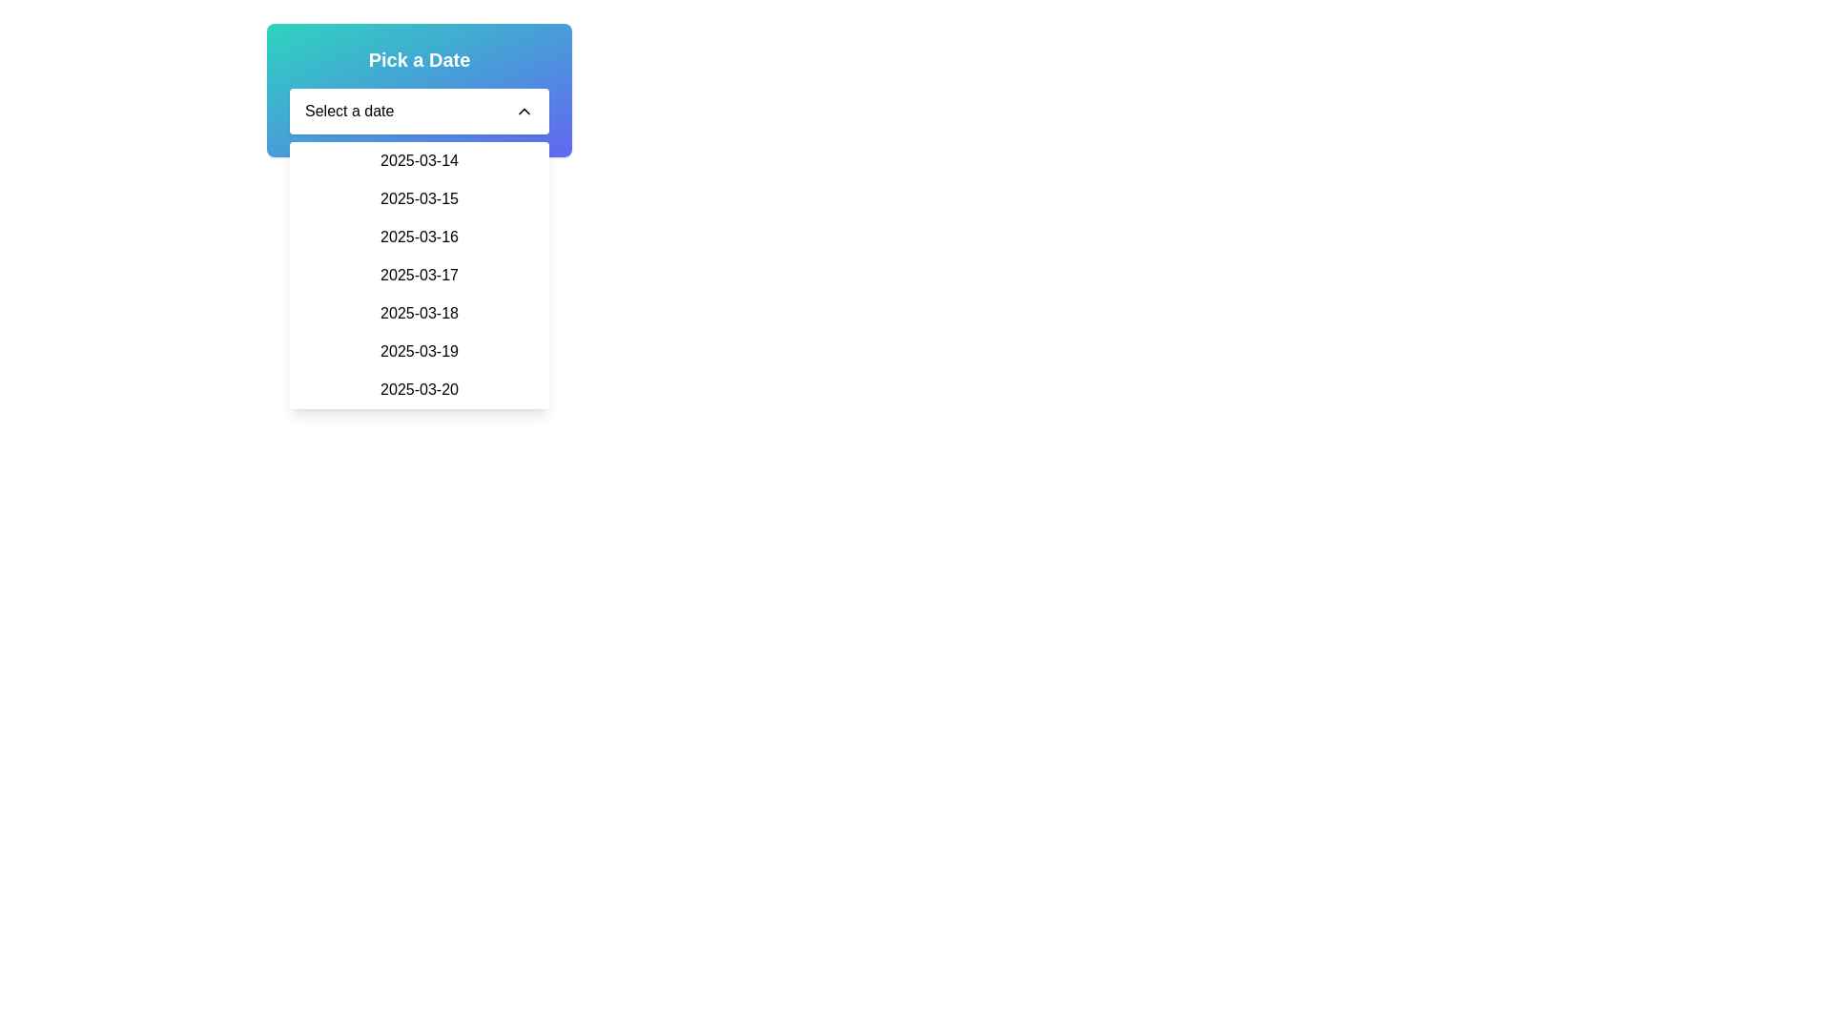 This screenshot has height=1030, width=1831. I want to click on to select the date string '2025-03-14' from the dropdown menu, which is the first item in the list, so click(419, 160).